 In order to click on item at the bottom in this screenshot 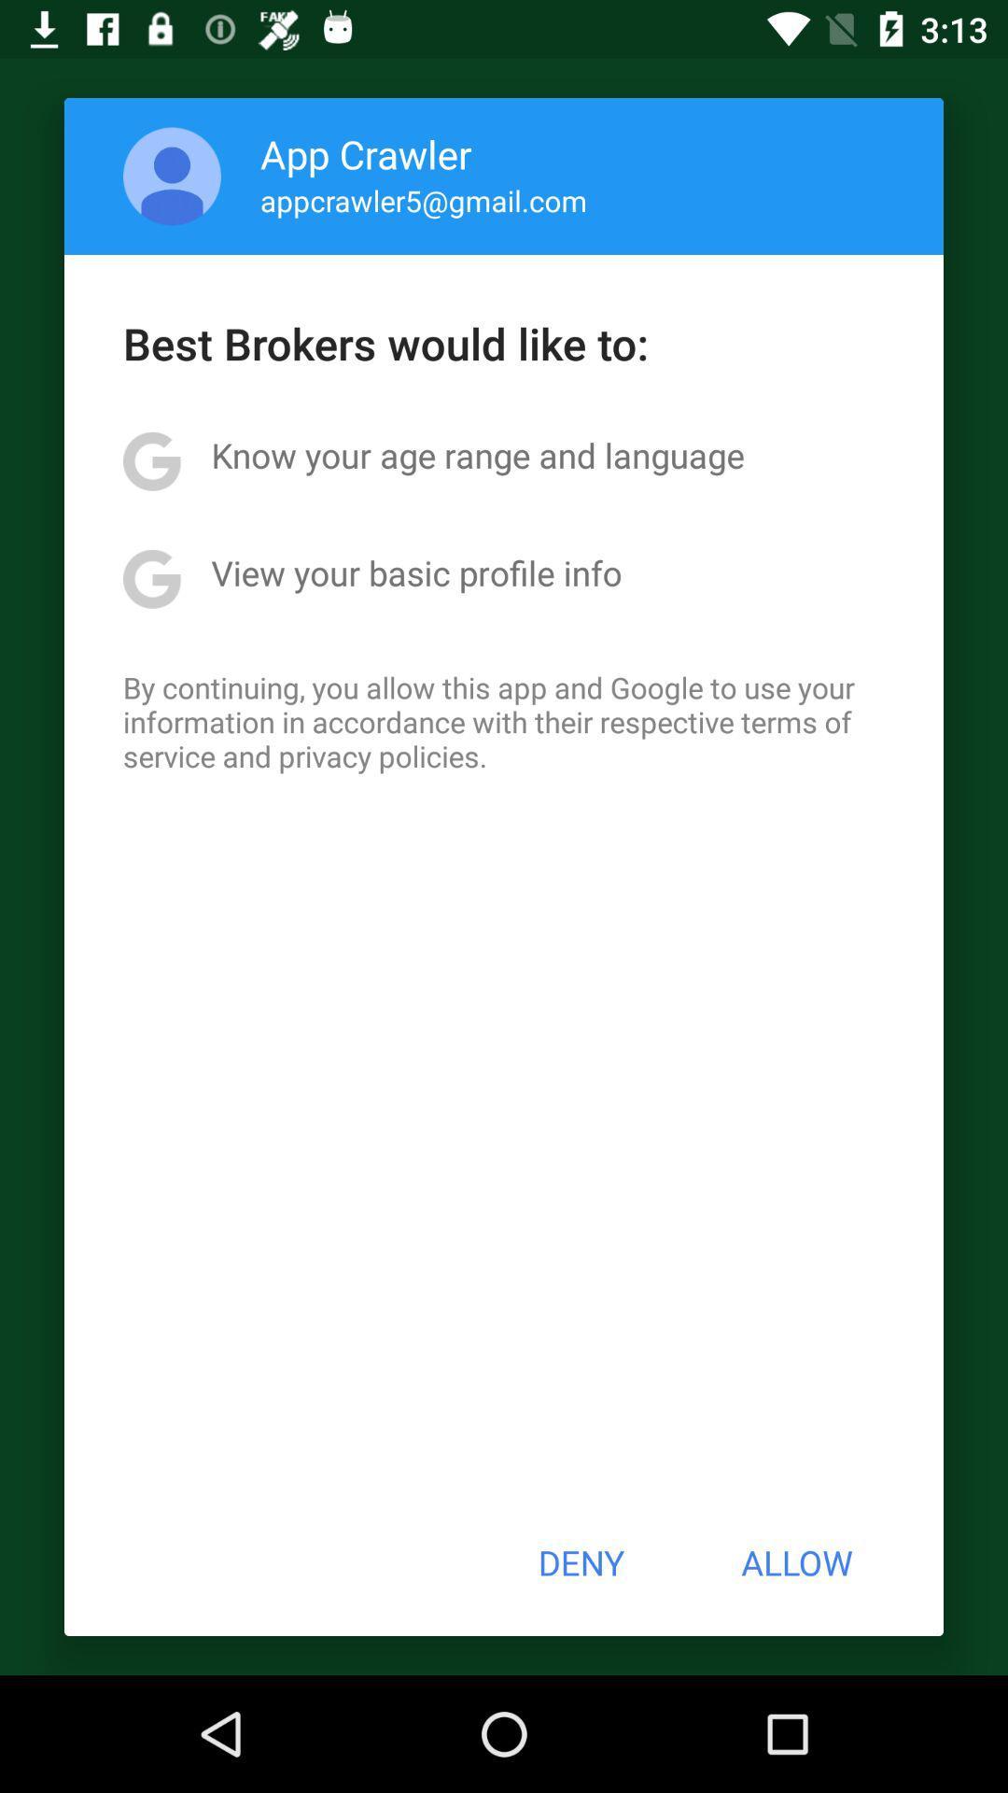, I will do `click(580, 1562)`.